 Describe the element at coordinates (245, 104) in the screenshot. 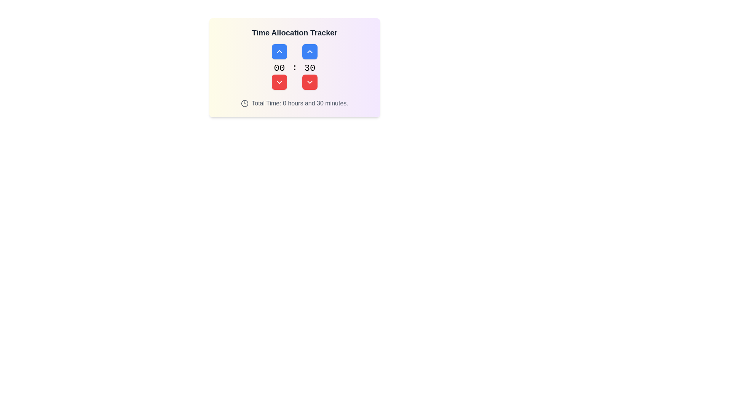

I see `the SVG Circle element, which is the outermost shape of the clock icon located in the bottom-left corner of the time allocation tracker interface, next to the total time display` at that location.